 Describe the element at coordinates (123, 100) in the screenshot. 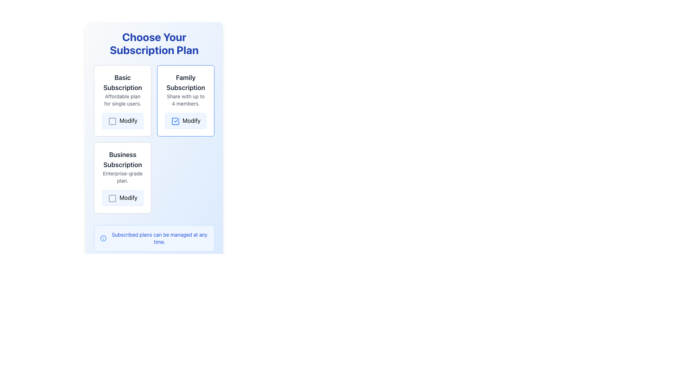

I see `the textual UI component displaying 'Affordable plan for single users.' which is located below the title in the 'Basic Subscription' box` at that location.